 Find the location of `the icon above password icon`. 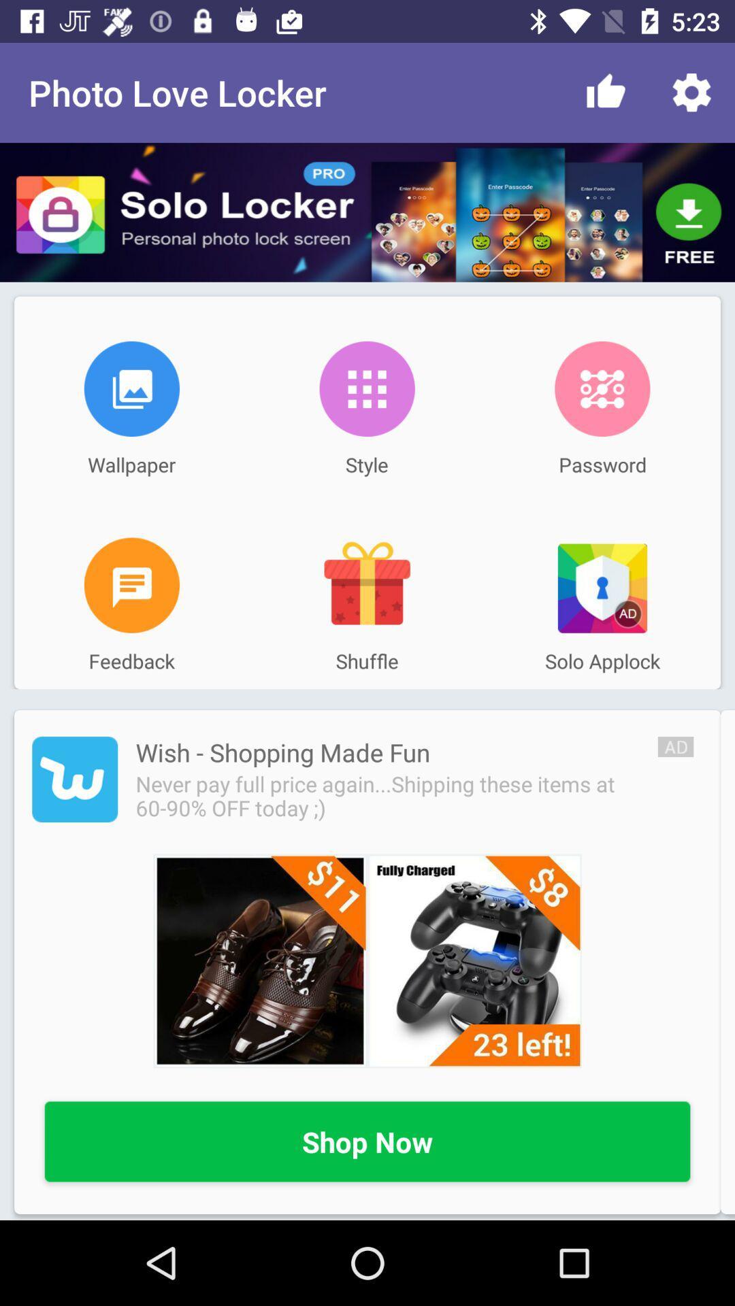

the icon above password icon is located at coordinates (602, 388).